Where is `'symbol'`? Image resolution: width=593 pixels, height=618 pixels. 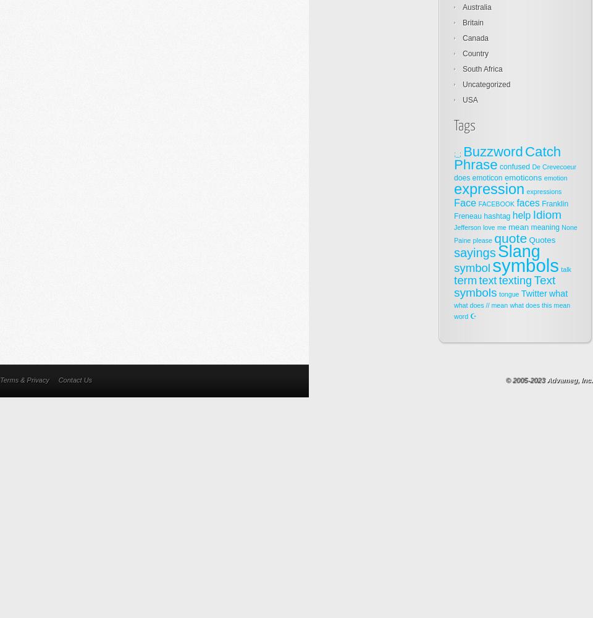
'symbol' is located at coordinates (471, 268).